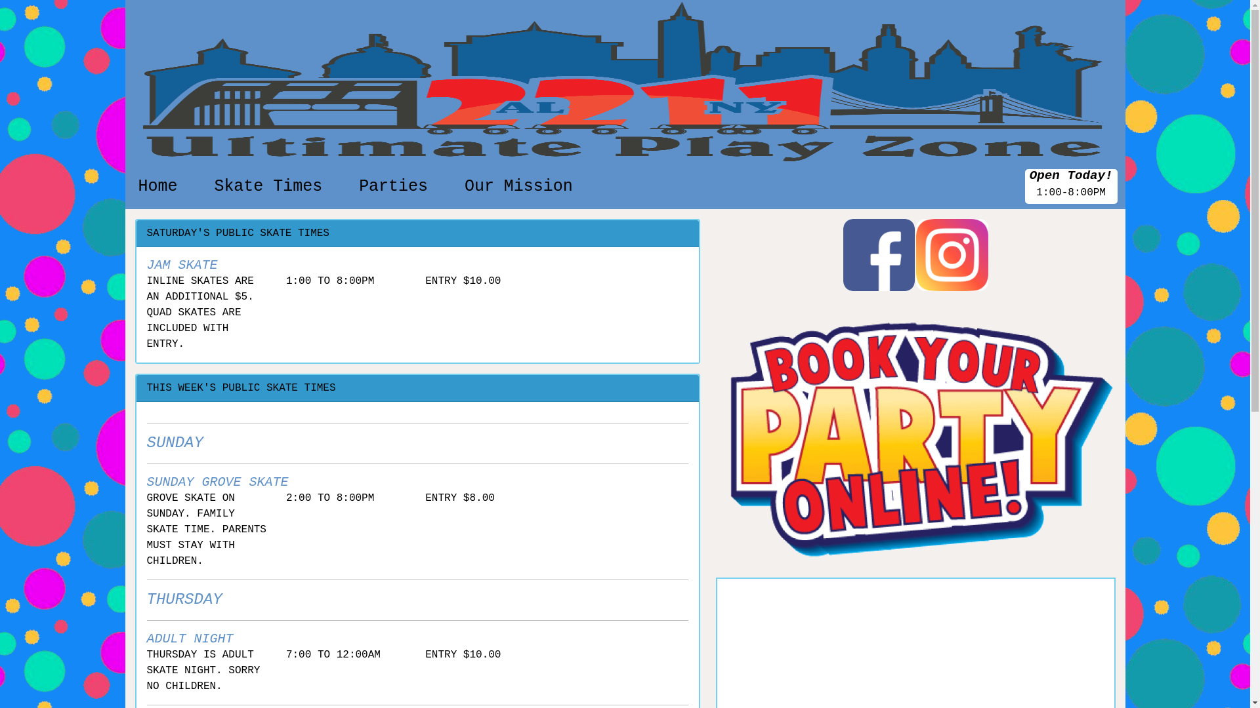 The width and height of the screenshot is (1260, 708). Describe the element at coordinates (1071, 175) in the screenshot. I see `'Open Today!'` at that location.